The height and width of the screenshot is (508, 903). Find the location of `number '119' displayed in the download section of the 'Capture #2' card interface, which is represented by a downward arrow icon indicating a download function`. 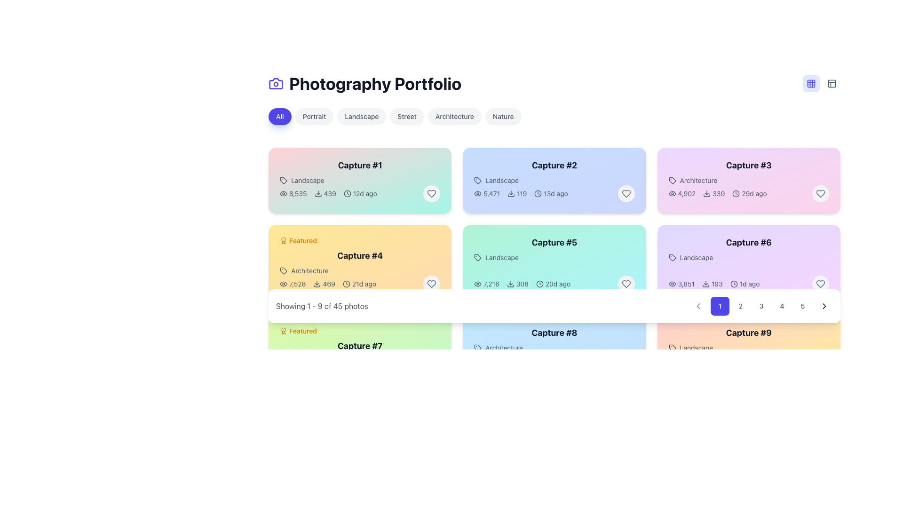

number '119' displayed in the download section of the 'Capture #2' card interface, which is represented by a downward arrow icon indicating a download function is located at coordinates (516, 193).